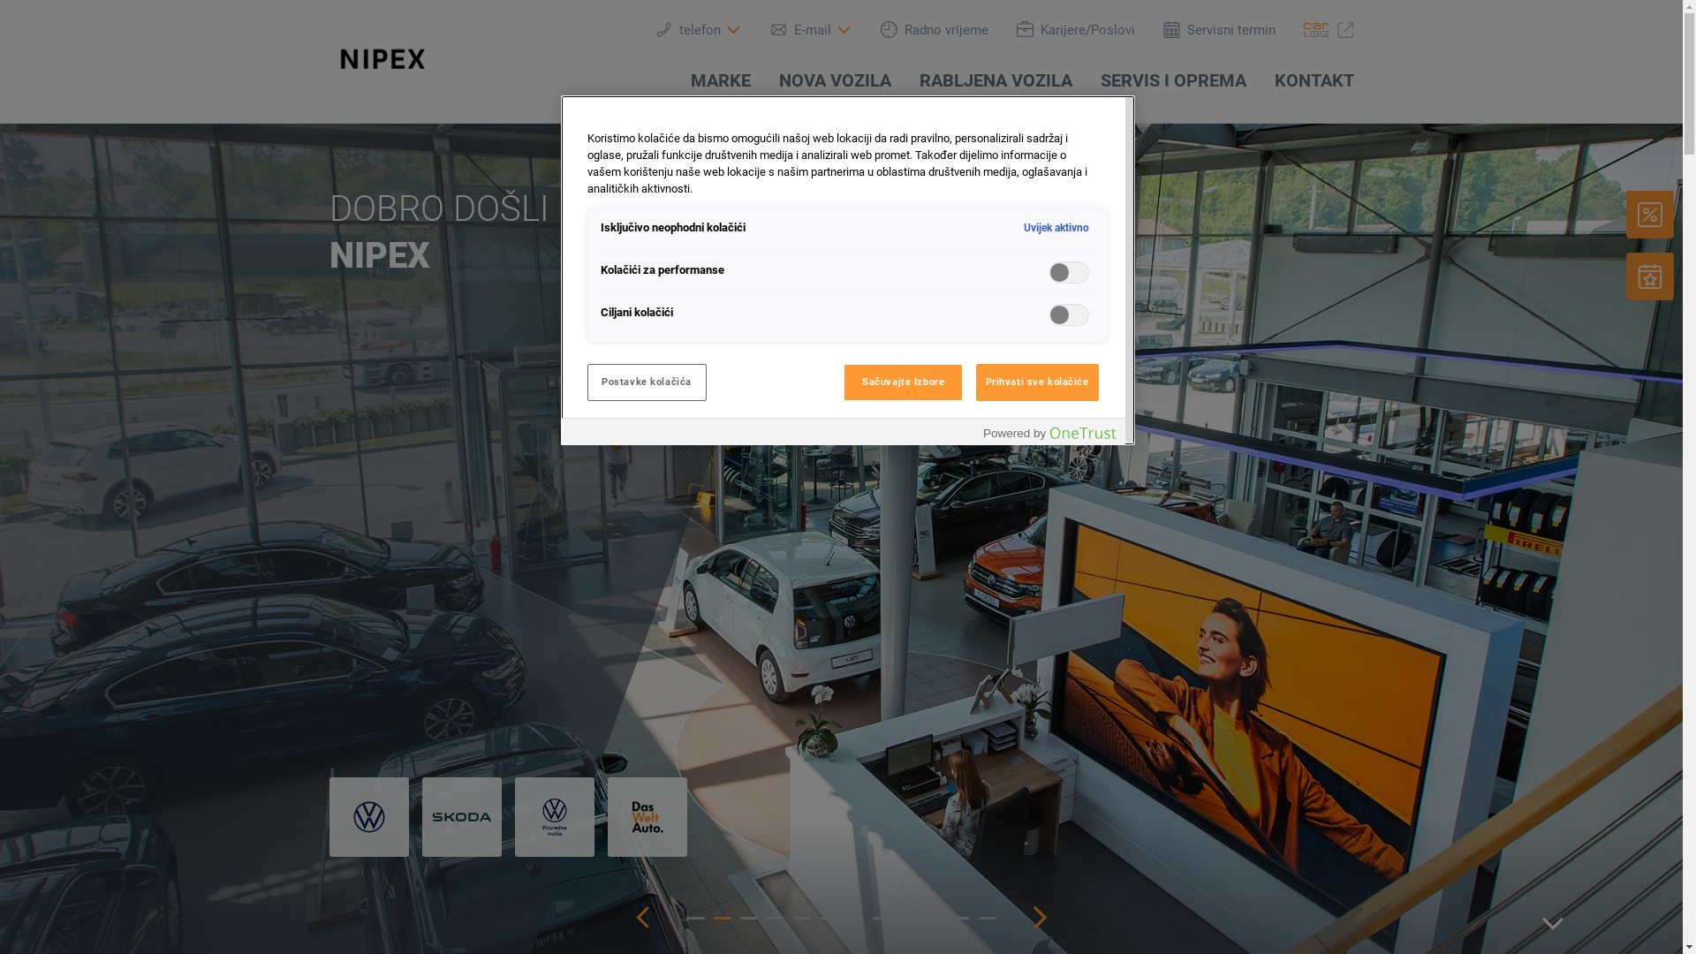  I want to click on 'NIPEX', so click(329, 57).